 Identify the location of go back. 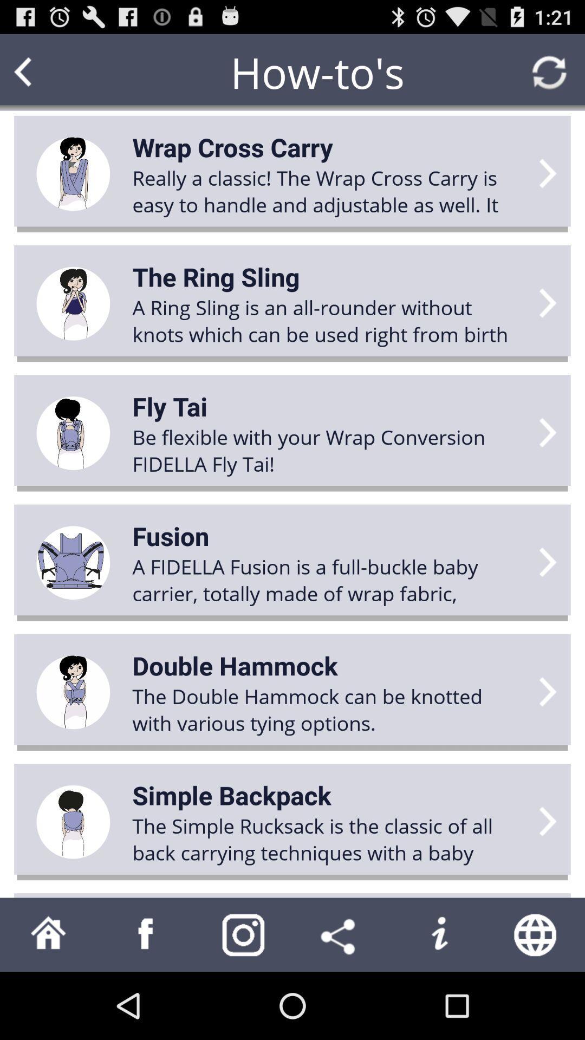
(43, 71).